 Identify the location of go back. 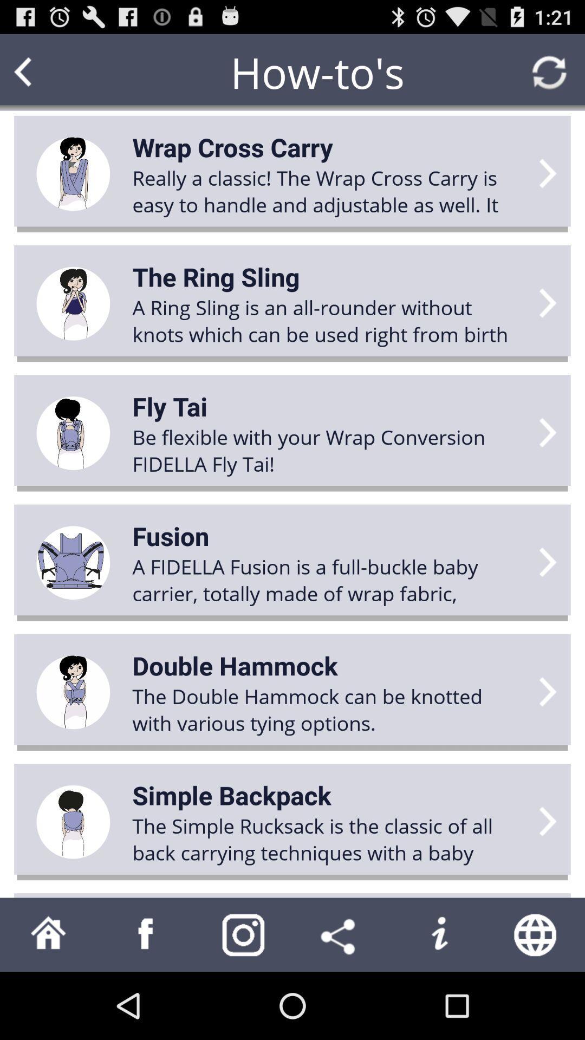
(43, 71).